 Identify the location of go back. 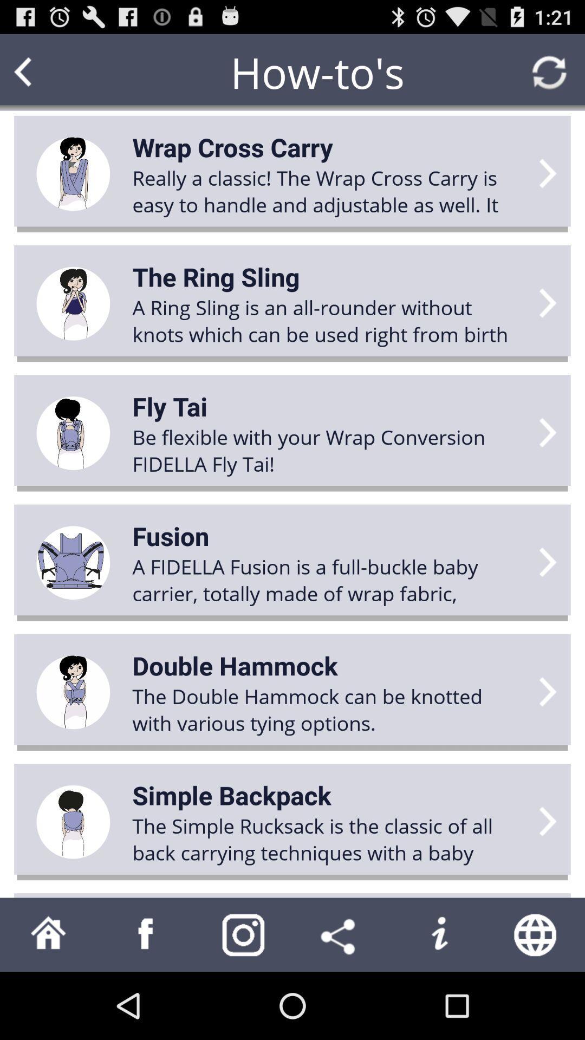
(43, 71).